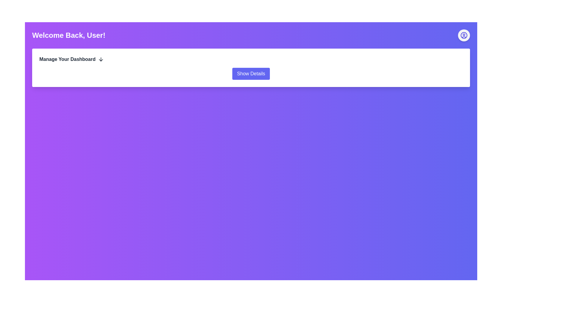 This screenshot has height=324, width=577. Describe the element at coordinates (101, 59) in the screenshot. I see `the downward-pointing arrow icon located to the right of the text 'Manage Your Dashboard'` at that location.